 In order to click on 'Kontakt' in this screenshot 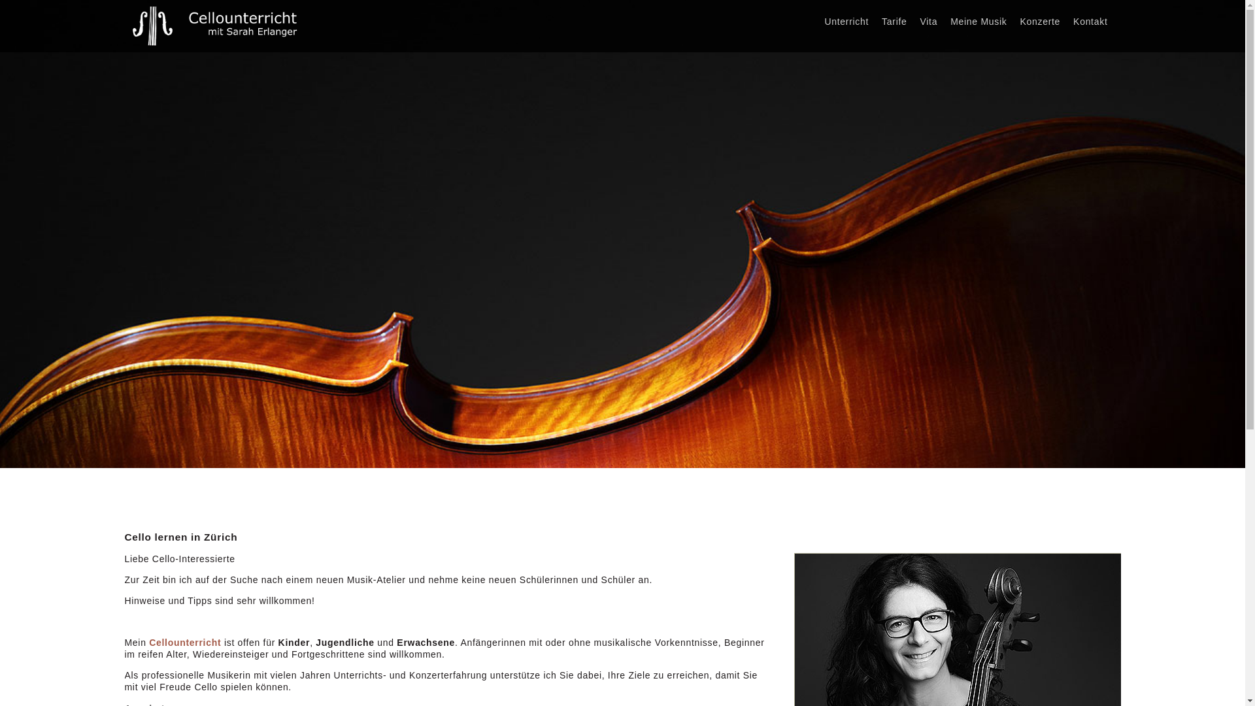, I will do `click(1090, 22)`.